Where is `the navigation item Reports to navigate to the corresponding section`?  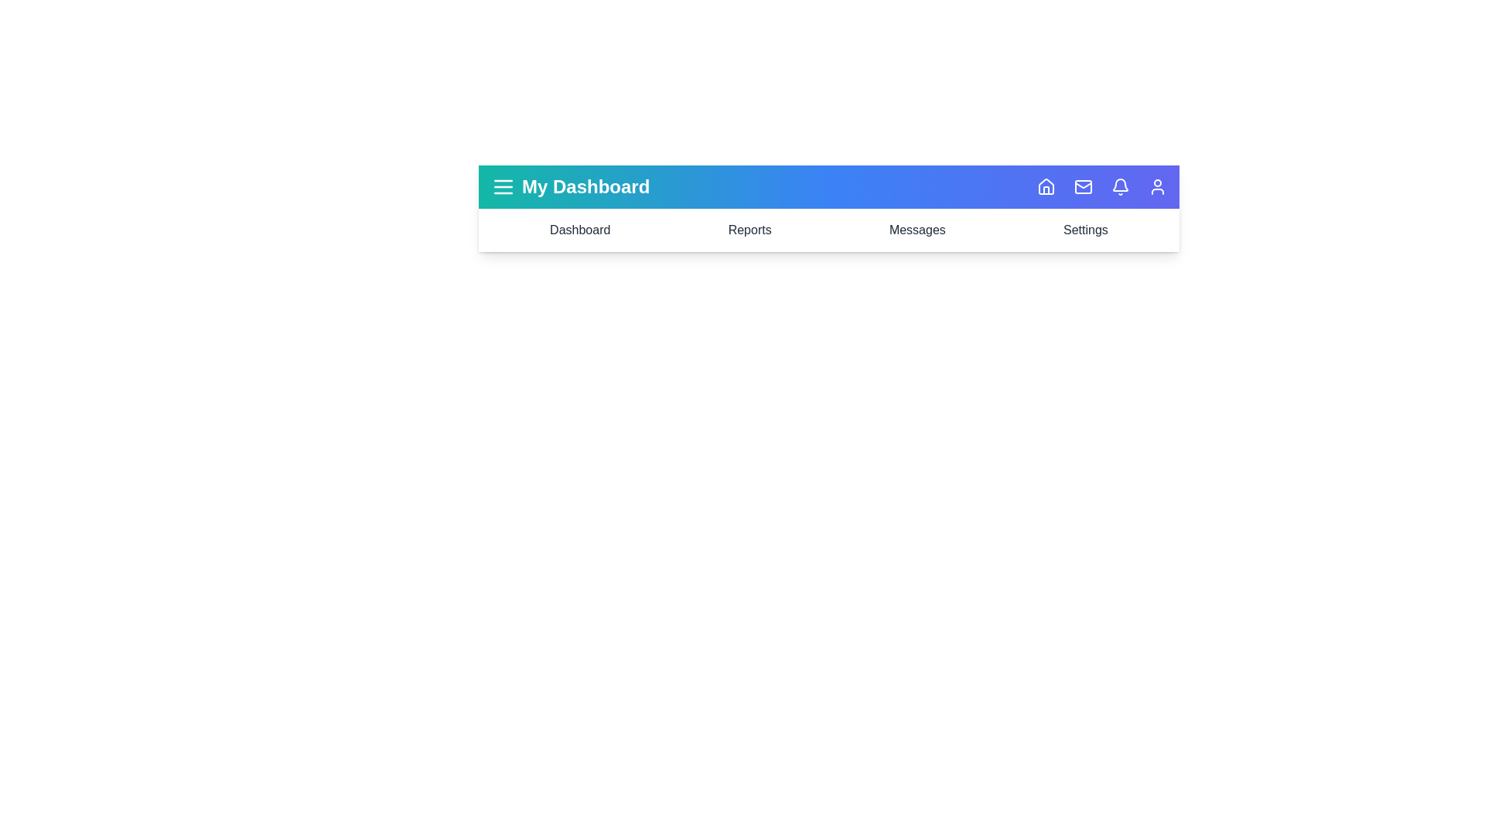
the navigation item Reports to navigate to the corresponding section is located at coordinates (749, 230).